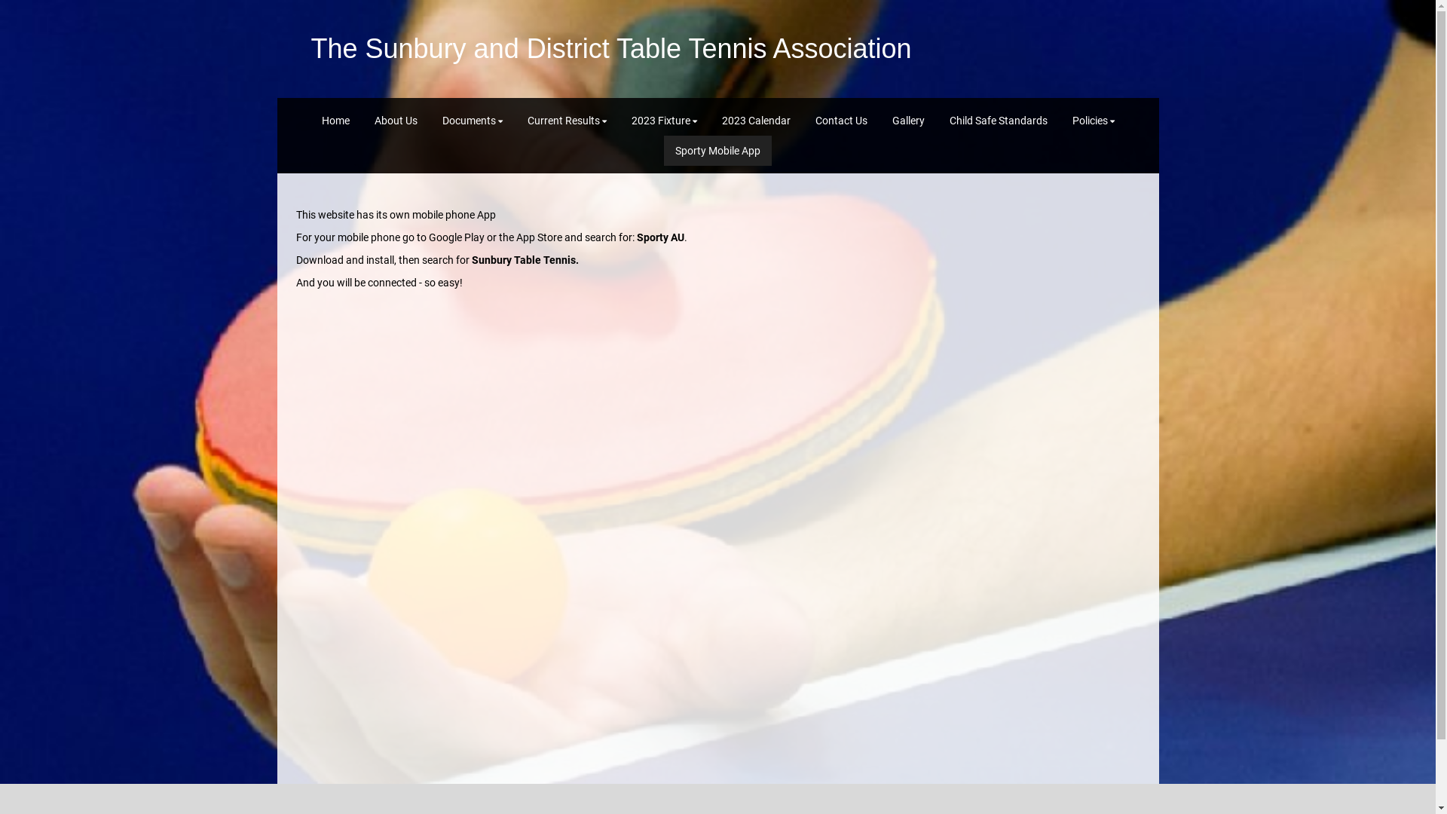  What do you see at coordinates (472, 119) in the screenshot?
I see `'Documents'` at bounding box center [472, 119].